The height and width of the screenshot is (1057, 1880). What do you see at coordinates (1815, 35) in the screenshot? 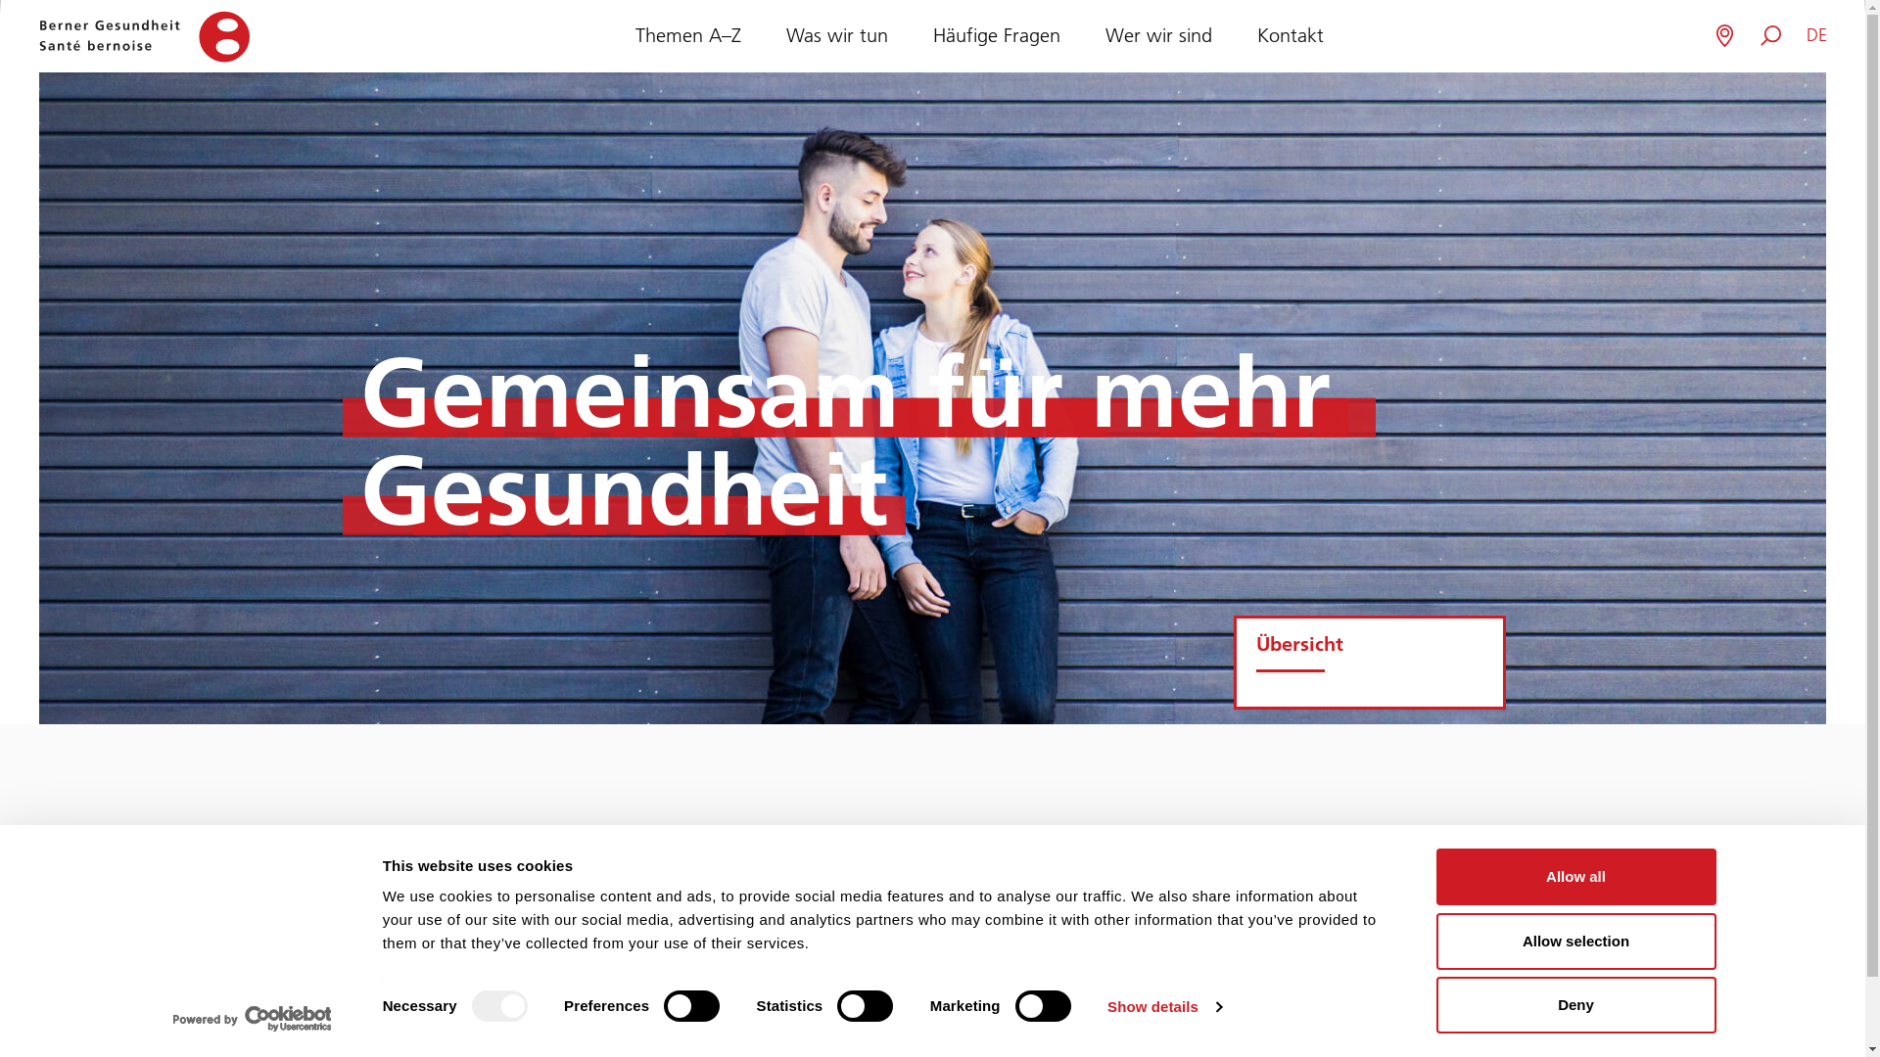
I see `'DE'` at bounding box center [1815, 35].